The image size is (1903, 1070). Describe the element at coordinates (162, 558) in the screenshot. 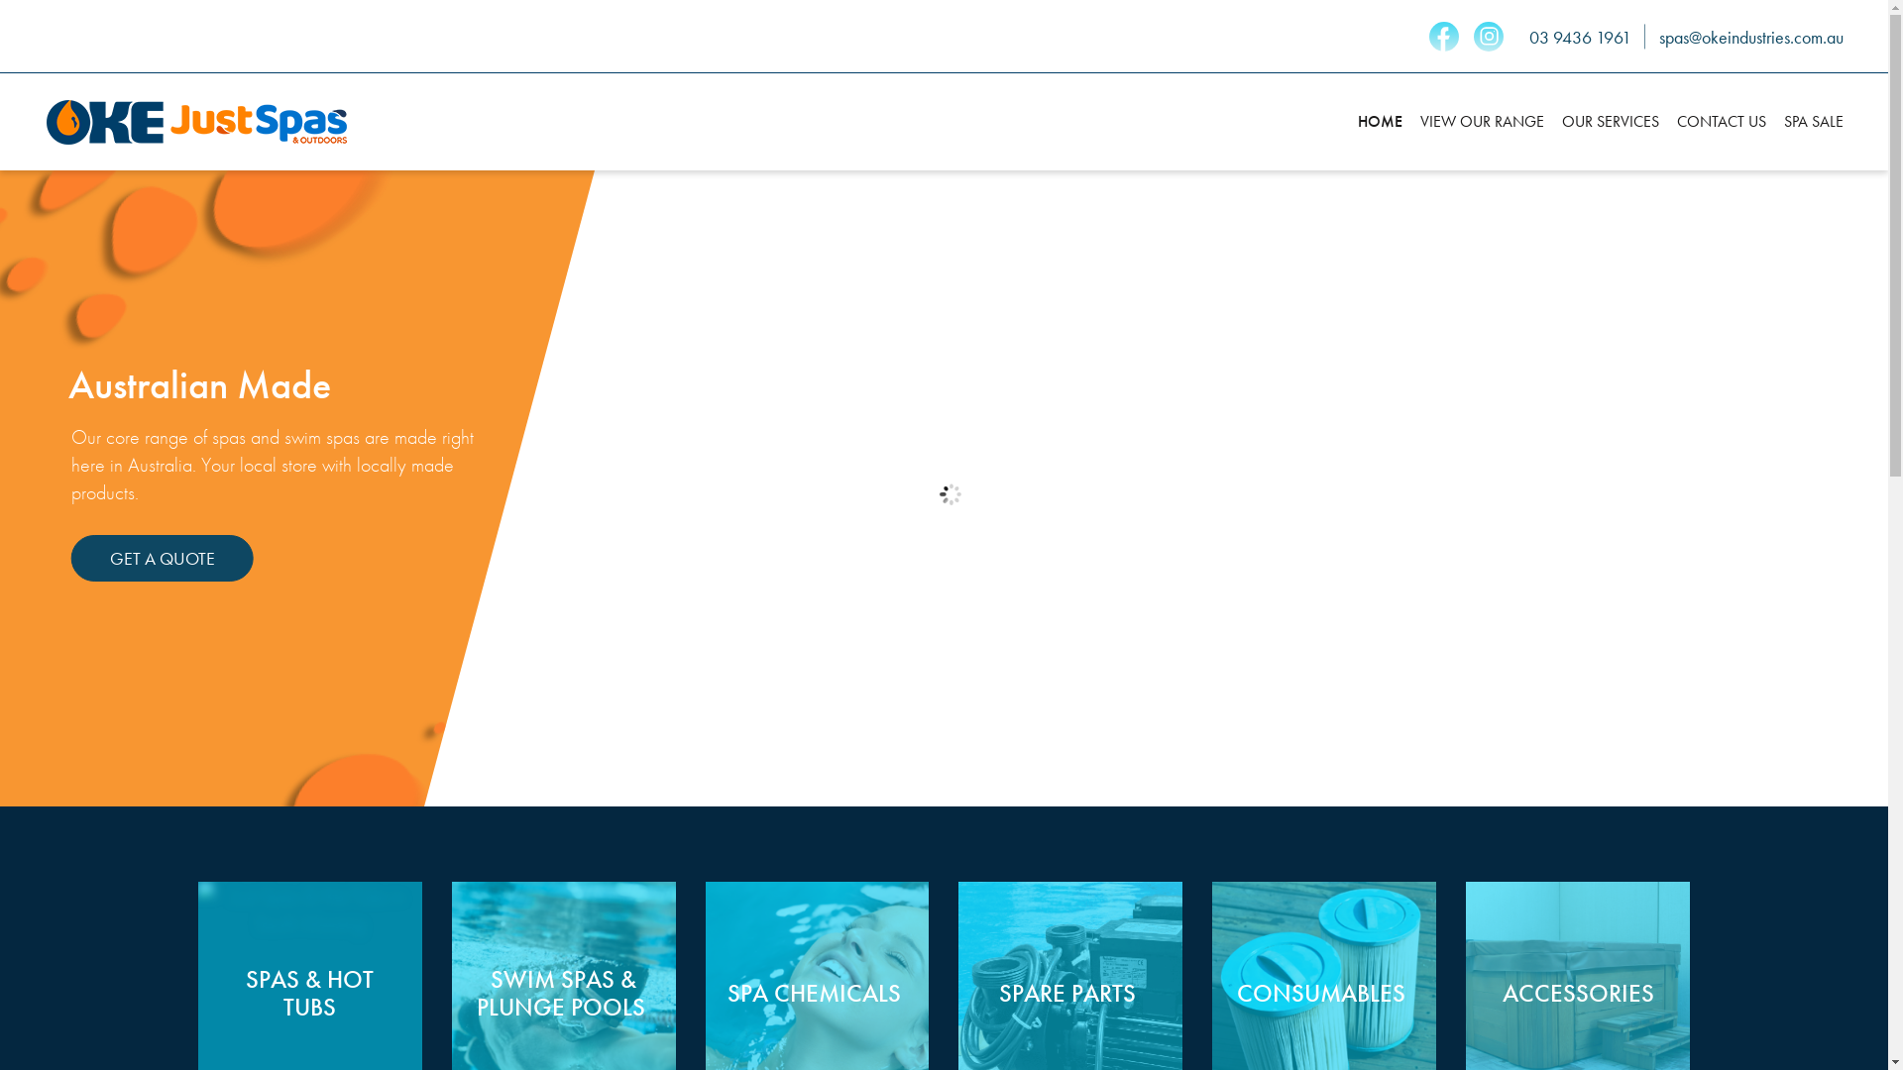

I see `'GET A QUOTE'` at that location.